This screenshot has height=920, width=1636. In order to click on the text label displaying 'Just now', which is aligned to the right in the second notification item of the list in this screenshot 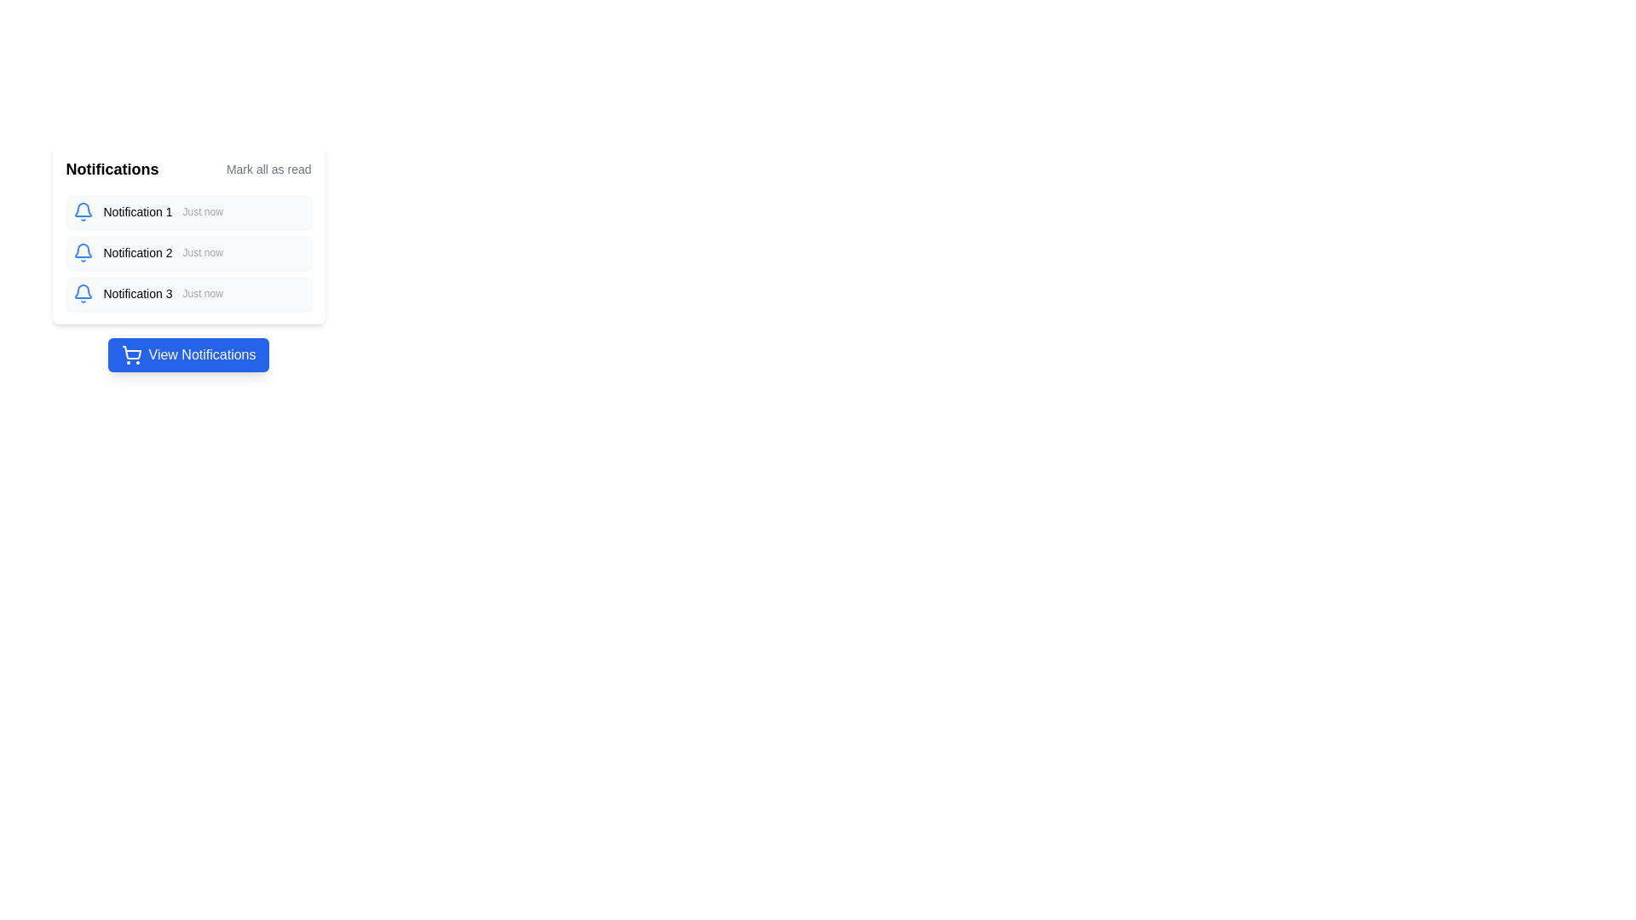, I will do `click(203, 253)`.